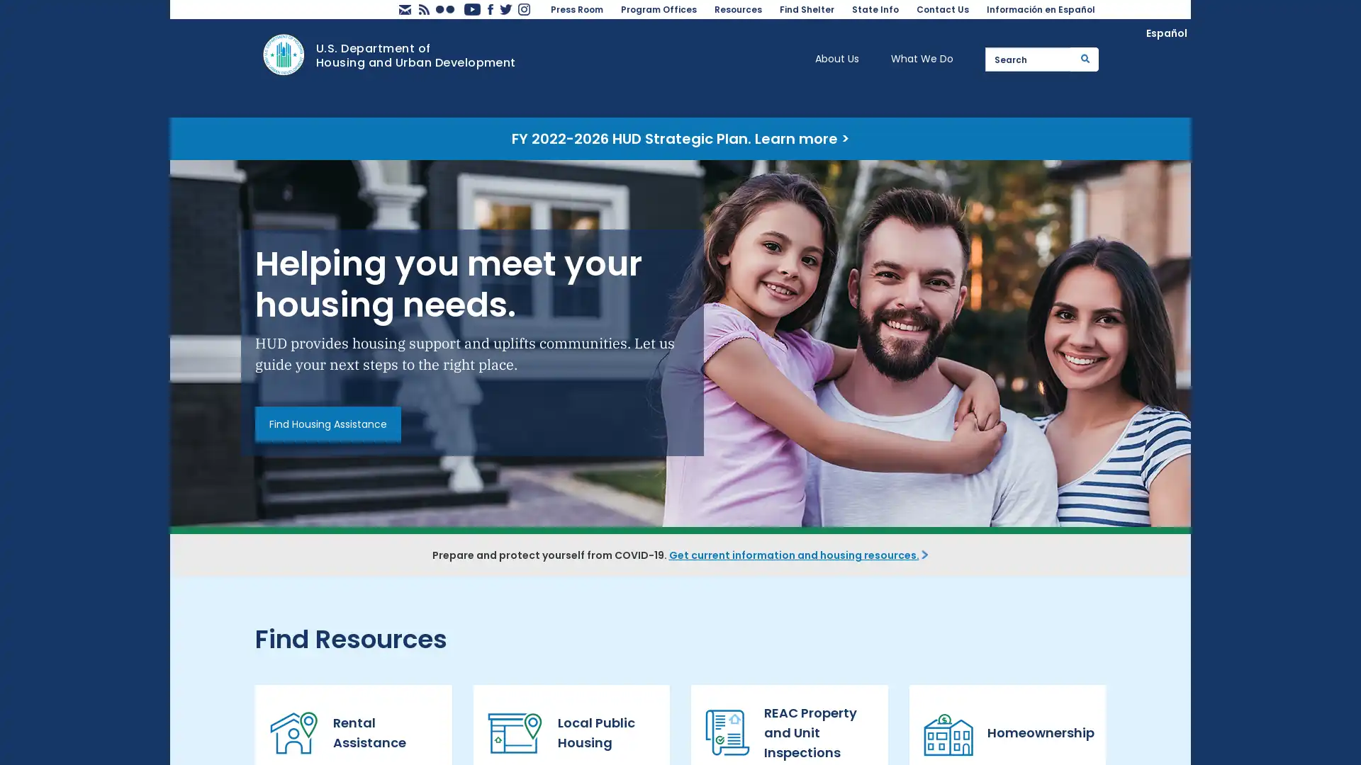 The width and height of the screenshot is (1361, 765). I want to click on Submit, so click(1084, 58).